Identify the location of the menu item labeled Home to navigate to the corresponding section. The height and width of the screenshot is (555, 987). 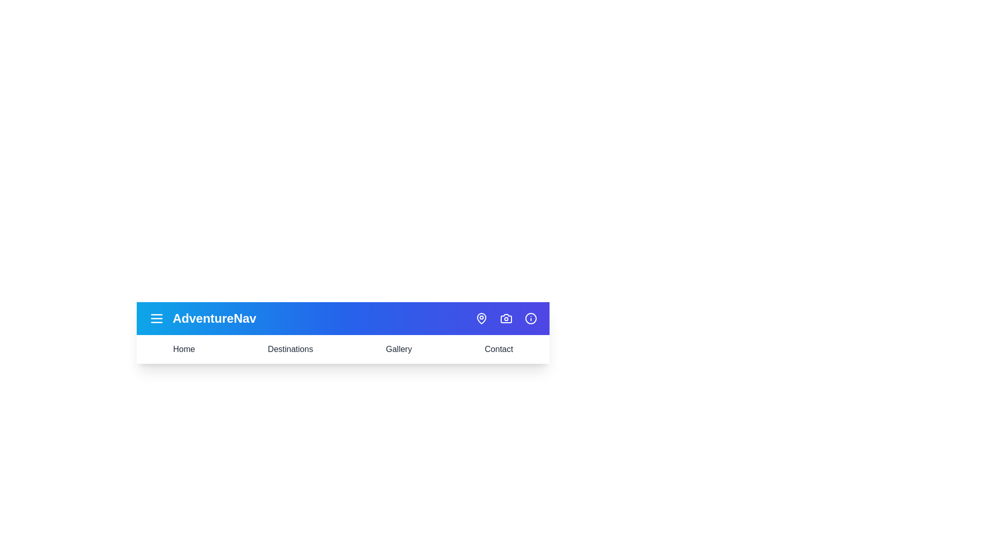
(184, 348).